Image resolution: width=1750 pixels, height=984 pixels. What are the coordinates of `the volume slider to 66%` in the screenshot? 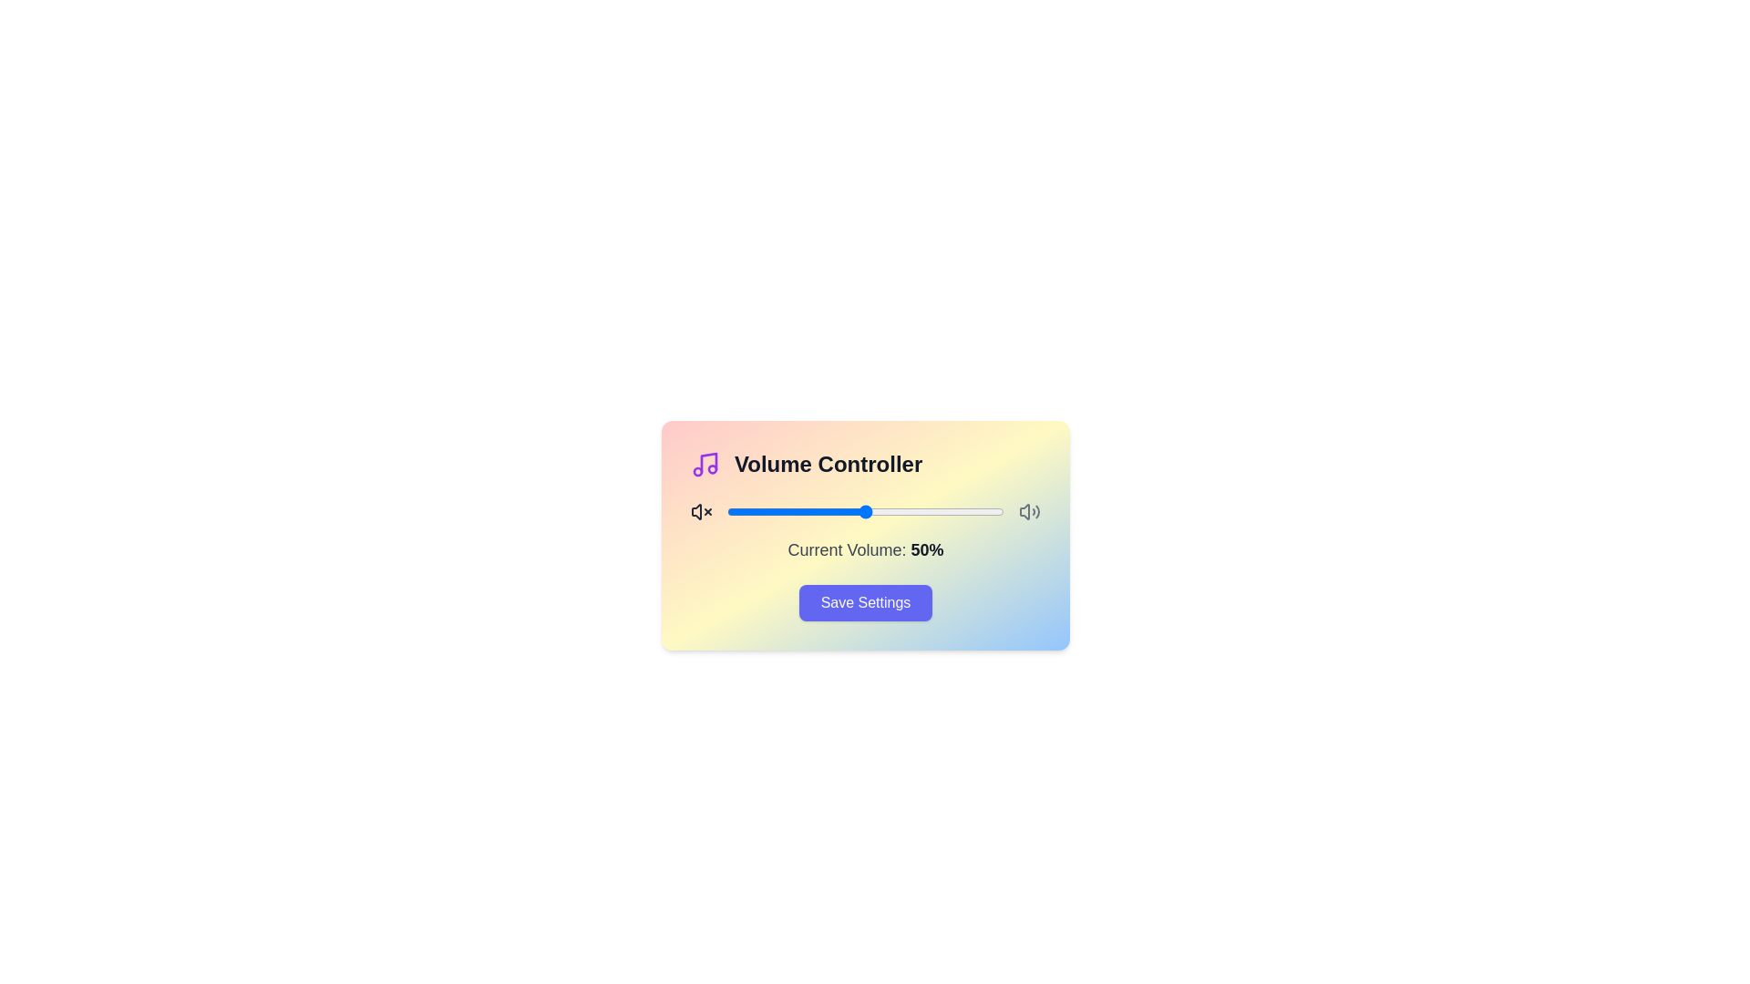 It's located at (910, 512).